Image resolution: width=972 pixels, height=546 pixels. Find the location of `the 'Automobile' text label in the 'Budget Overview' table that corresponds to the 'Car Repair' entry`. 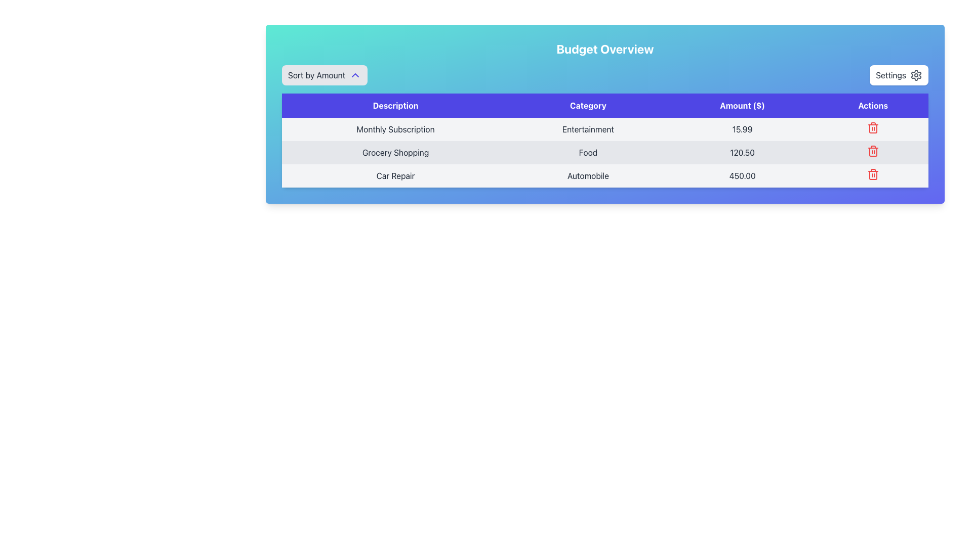

the 'Automobile' text label in the 'Budget Overview' table that corresponds to the 'Car Repair' entry is located at coordinates (588, 175).